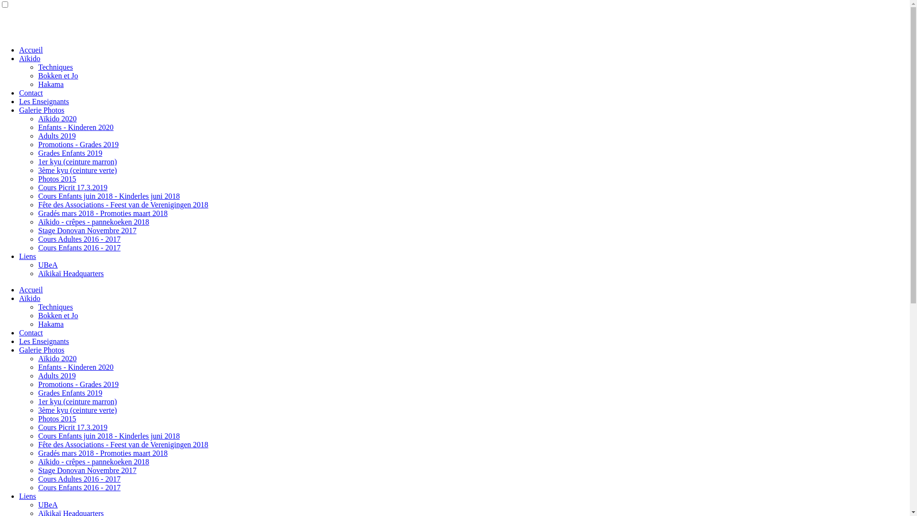  What do you see at coordinates (72, 187) in the screenshot?
I see `'Cours Picrit 17.3.2019'` at bounding box center [72, 187].